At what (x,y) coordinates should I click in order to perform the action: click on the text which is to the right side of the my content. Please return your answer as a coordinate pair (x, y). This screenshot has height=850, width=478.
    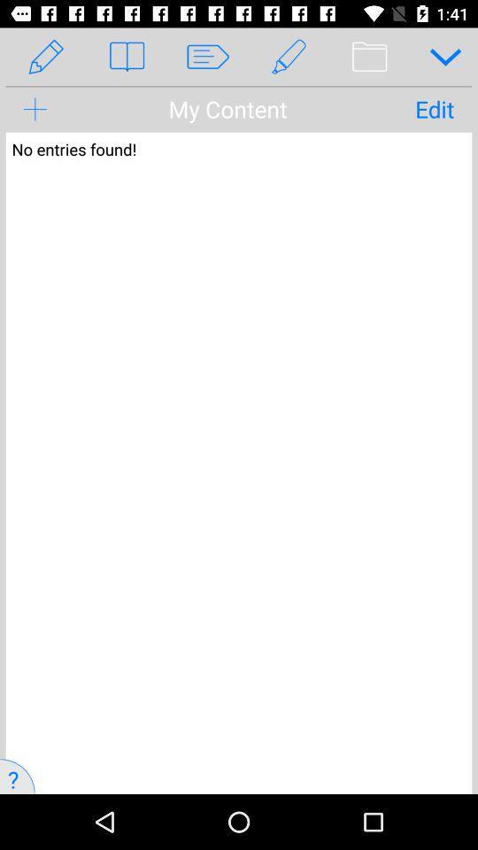
    Looking at the image, I should click on (434, 108).